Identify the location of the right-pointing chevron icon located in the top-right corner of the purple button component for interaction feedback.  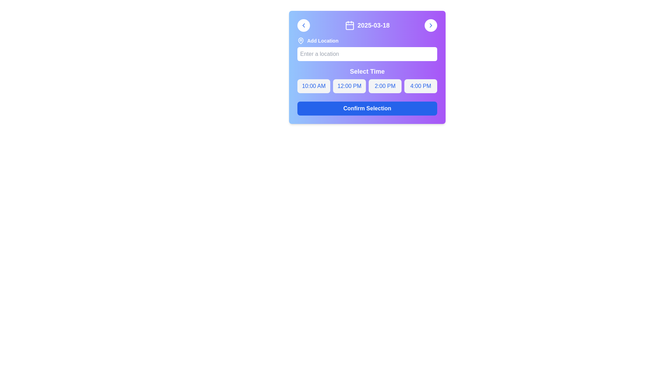
(431, 25).